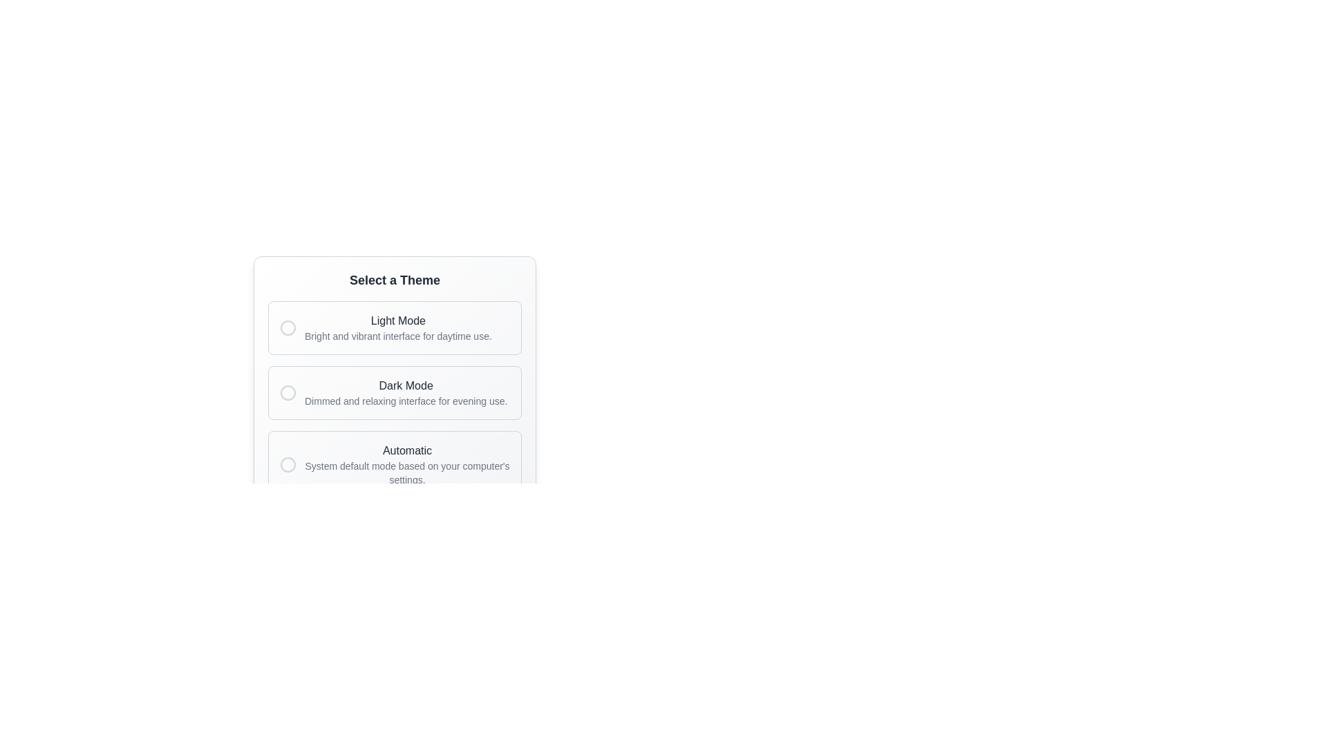 This screenshot has width=1327, height=746. I want to click on the first Option Card in the 'Select a Theme' list, so click(394, 327).